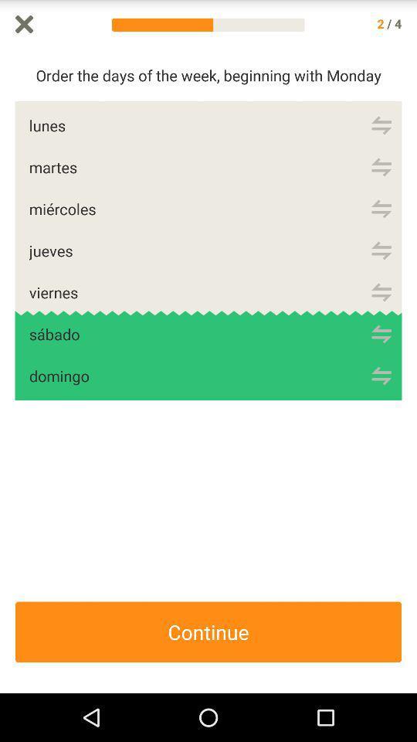 This screenshot has width=417, height=742. Describe the element at coordinates (381, 375) in the screenshot. I see `domingo option` at that location.